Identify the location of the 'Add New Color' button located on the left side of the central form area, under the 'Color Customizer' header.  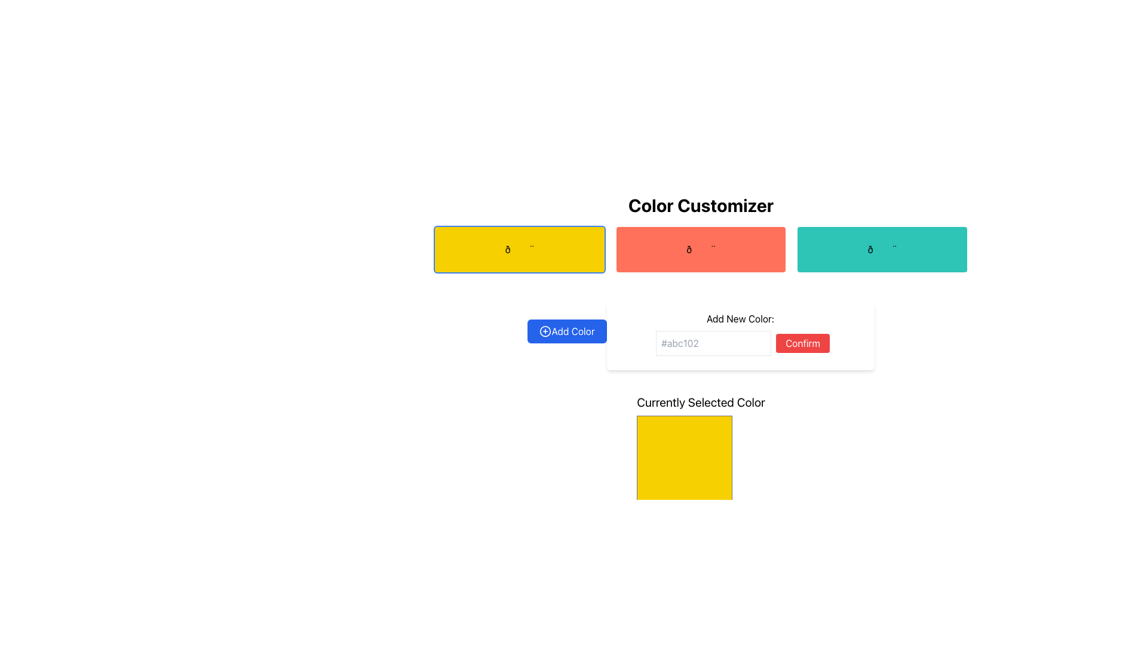
(566, 331).